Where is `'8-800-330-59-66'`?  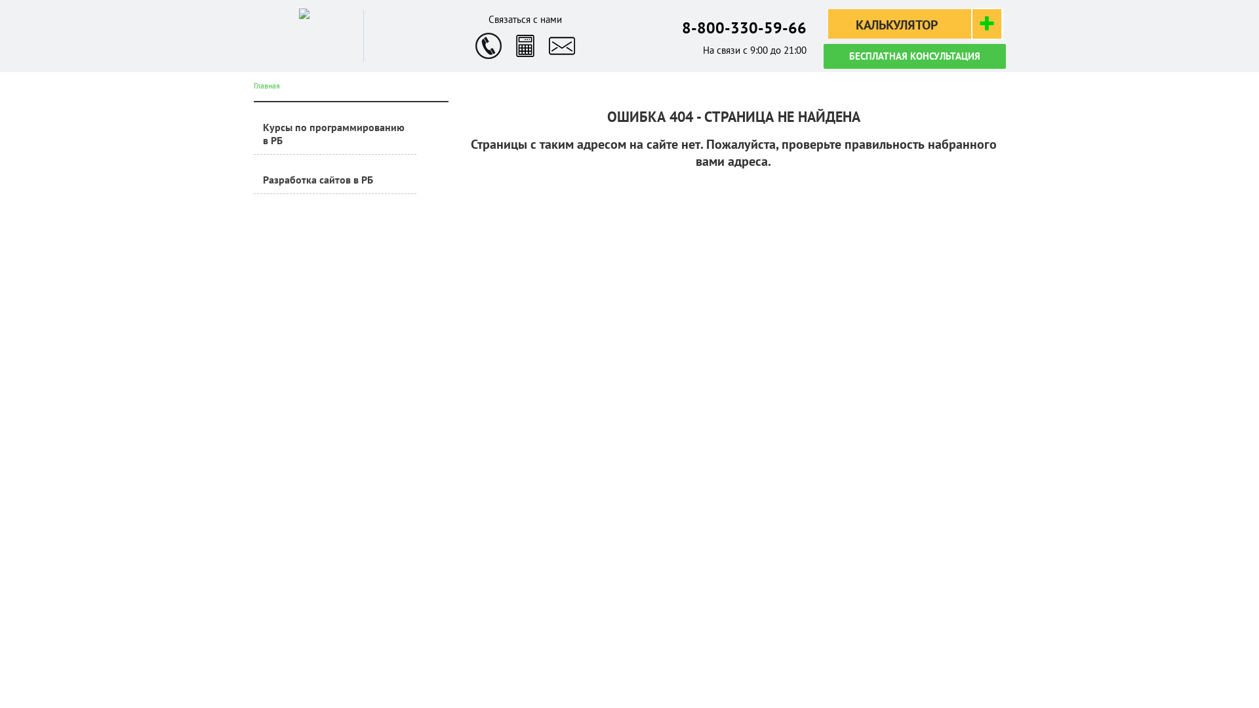 '8-800-330-59-66' is located at coordinates (744, 28).